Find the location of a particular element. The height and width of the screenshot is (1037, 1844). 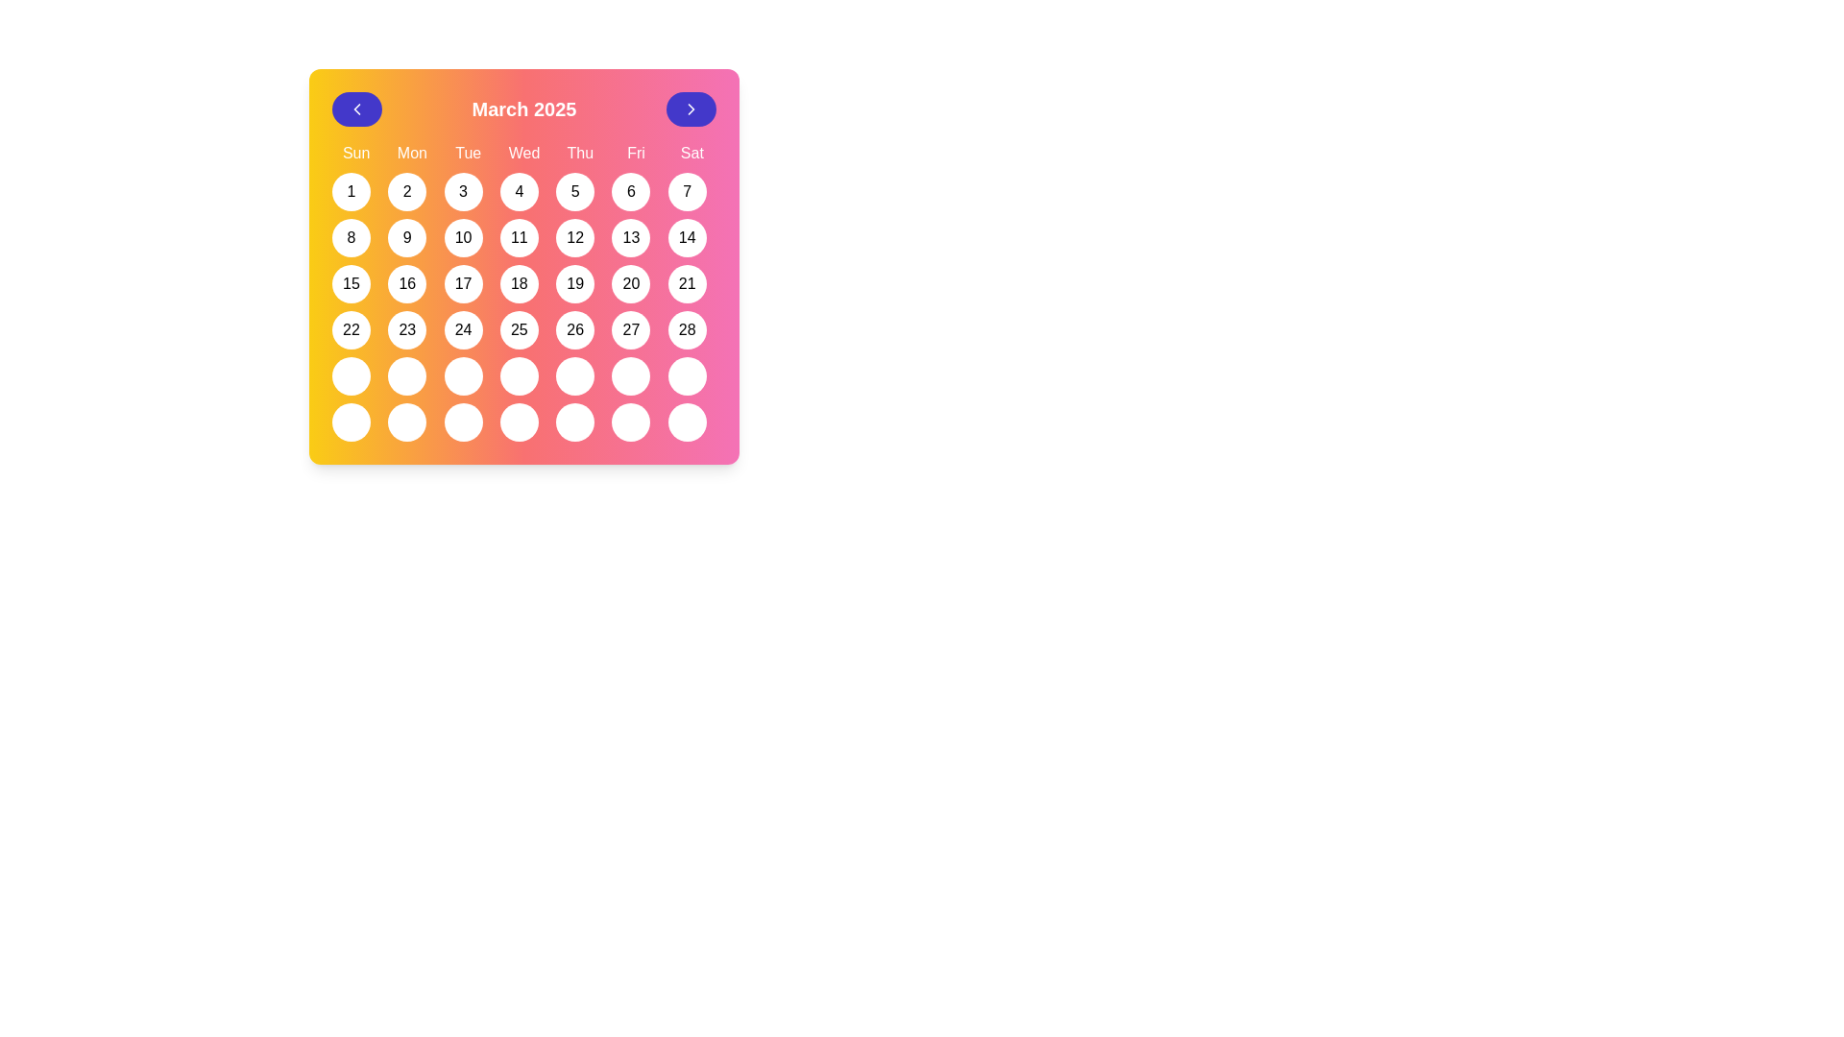

the circular white button in the last row and seventh column of the interactive calendar is located at coordinates (687, 421).